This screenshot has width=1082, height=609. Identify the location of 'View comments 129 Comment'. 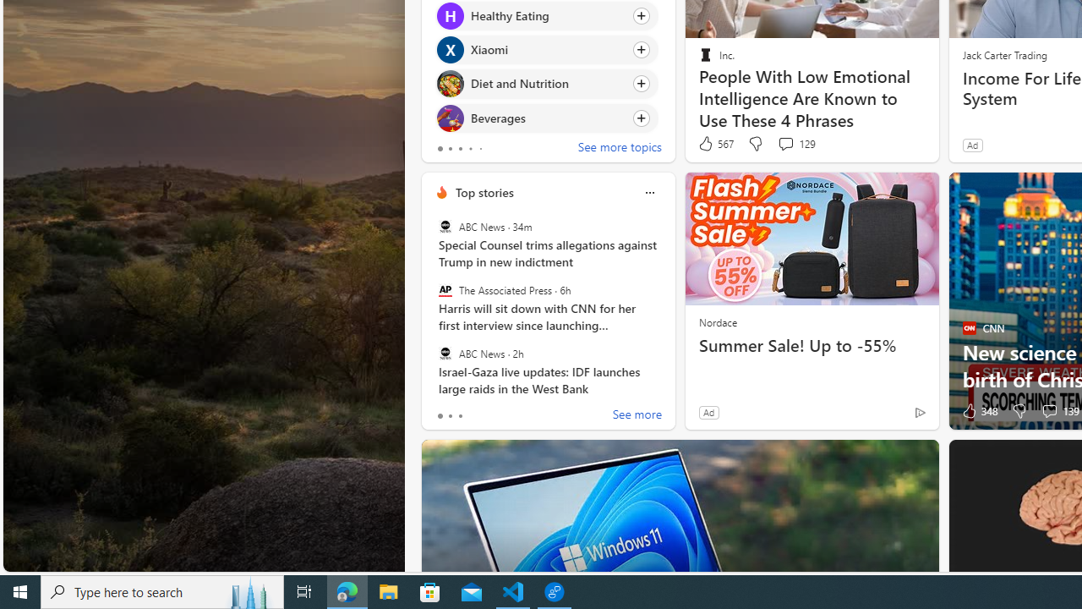
(795, 143).